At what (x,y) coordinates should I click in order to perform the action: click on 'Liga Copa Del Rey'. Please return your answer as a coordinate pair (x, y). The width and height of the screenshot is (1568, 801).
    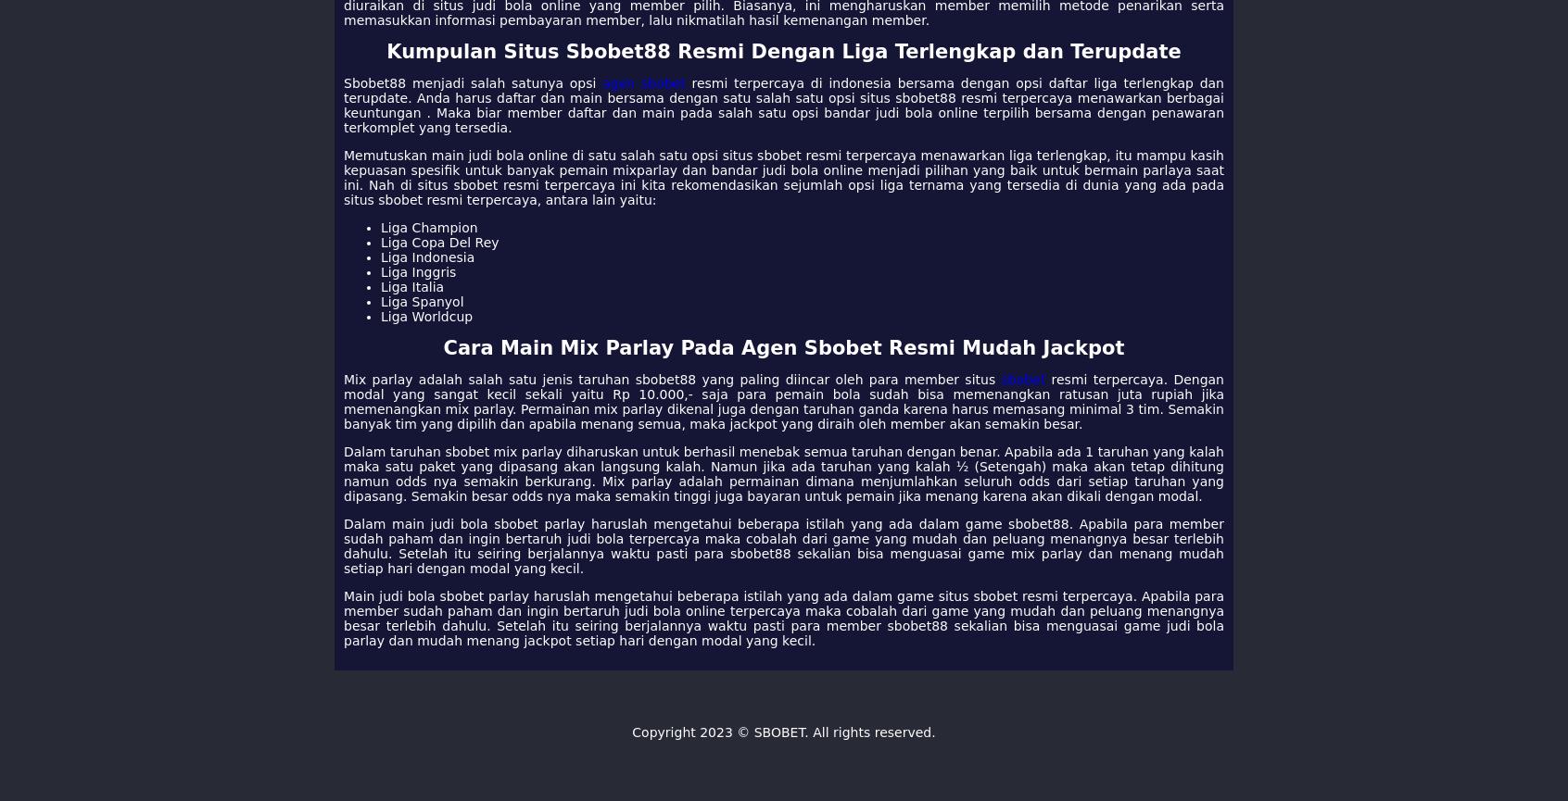
    Looking at the image, I should click on (380, 242).